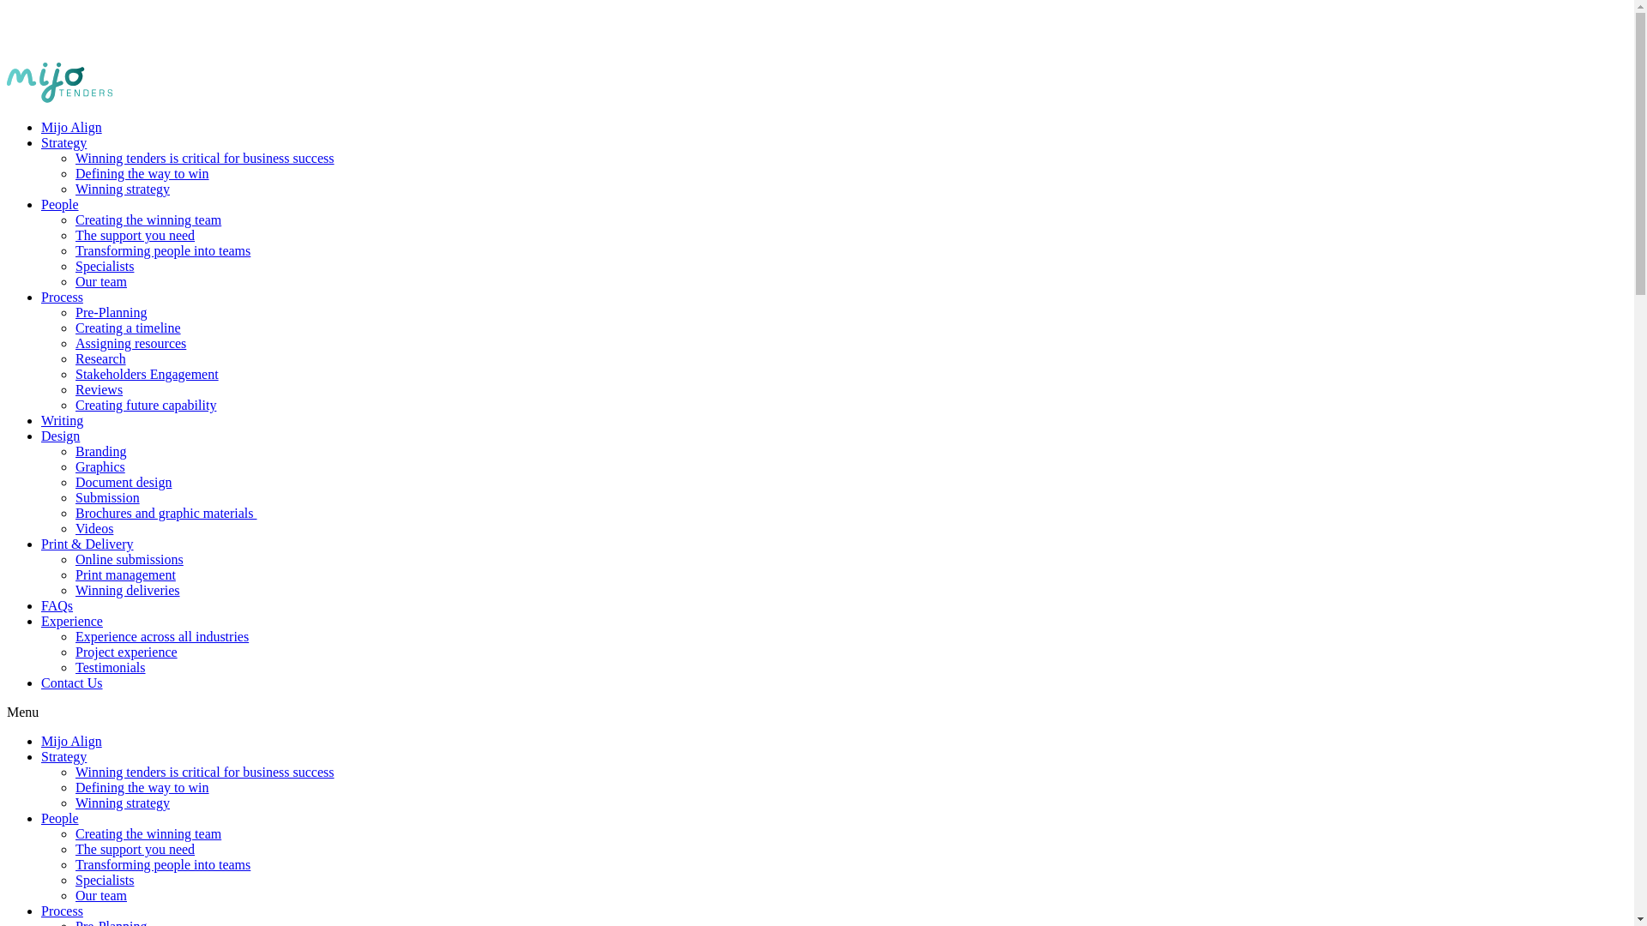 The width and height of the screenshot is (1647, 926). Describe the element at coordinates (100, 450) in the screenshot. I see `'Branding'` at that location.